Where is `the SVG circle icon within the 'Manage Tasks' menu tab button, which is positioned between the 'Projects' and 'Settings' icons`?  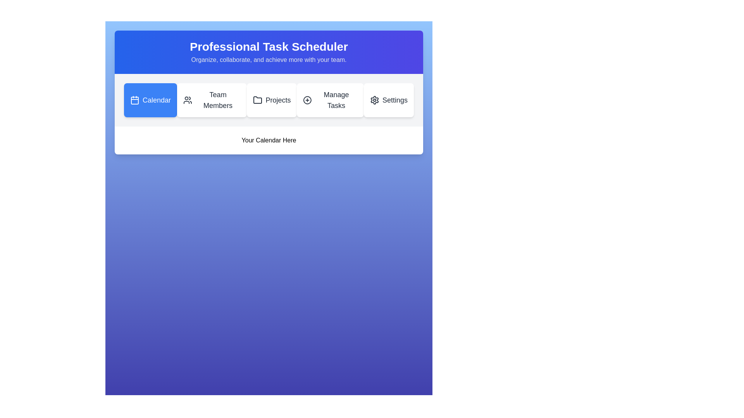
the SVG circle icon within the 'Manage Tasks' menu tab button, which is positioned between the 'Projects' and 'Settings' icons is located at coordinates (307, 99).